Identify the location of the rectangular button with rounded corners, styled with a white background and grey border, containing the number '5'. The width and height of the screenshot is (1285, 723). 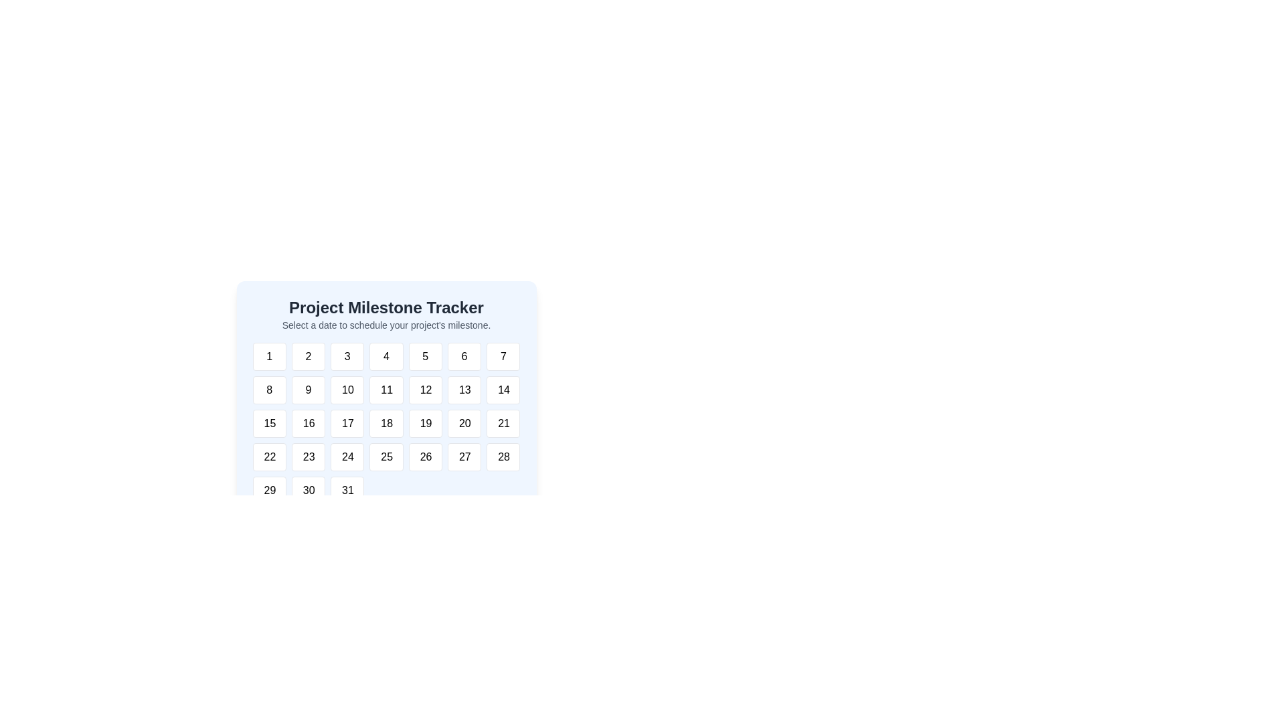
(424, 355).